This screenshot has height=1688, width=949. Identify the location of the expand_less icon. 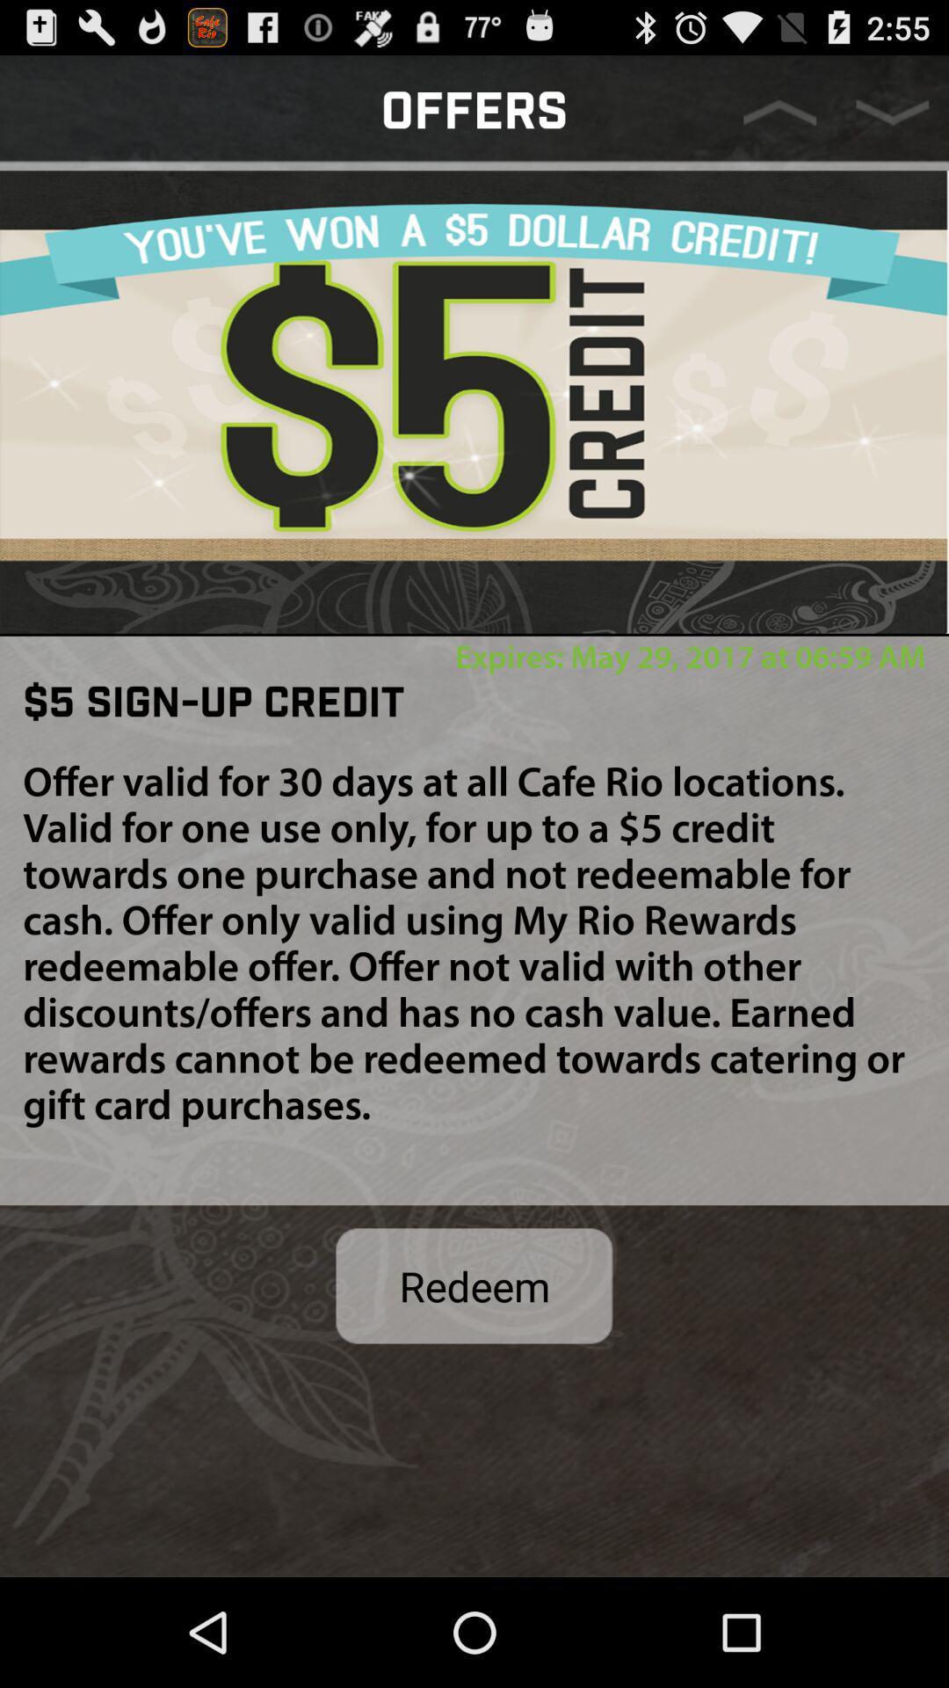
(779, 120).